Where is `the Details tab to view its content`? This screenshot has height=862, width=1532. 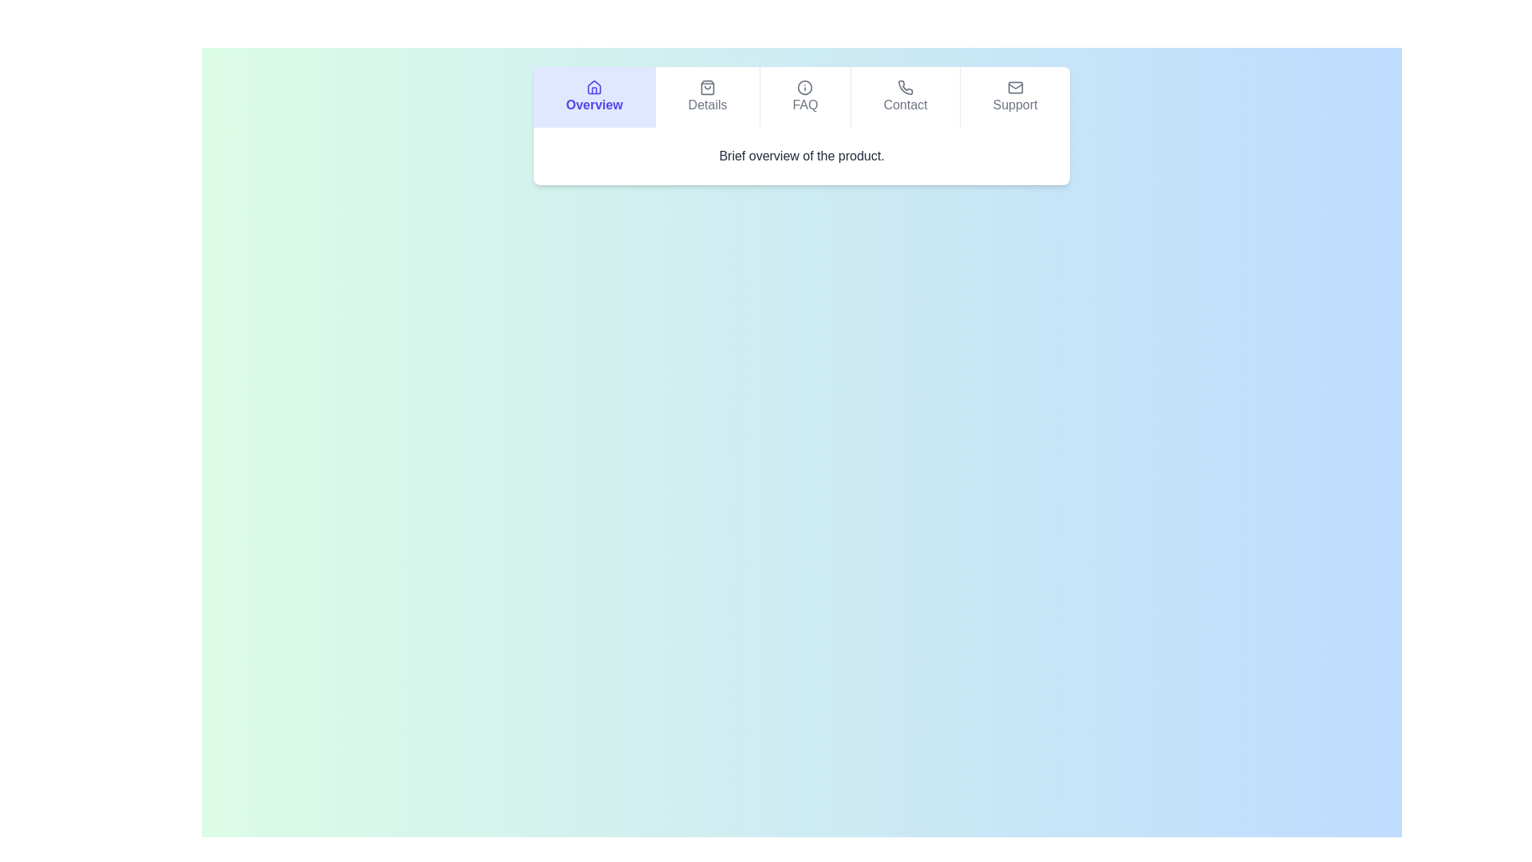
the Details tab to view its content is located at coordinates (706, 97).